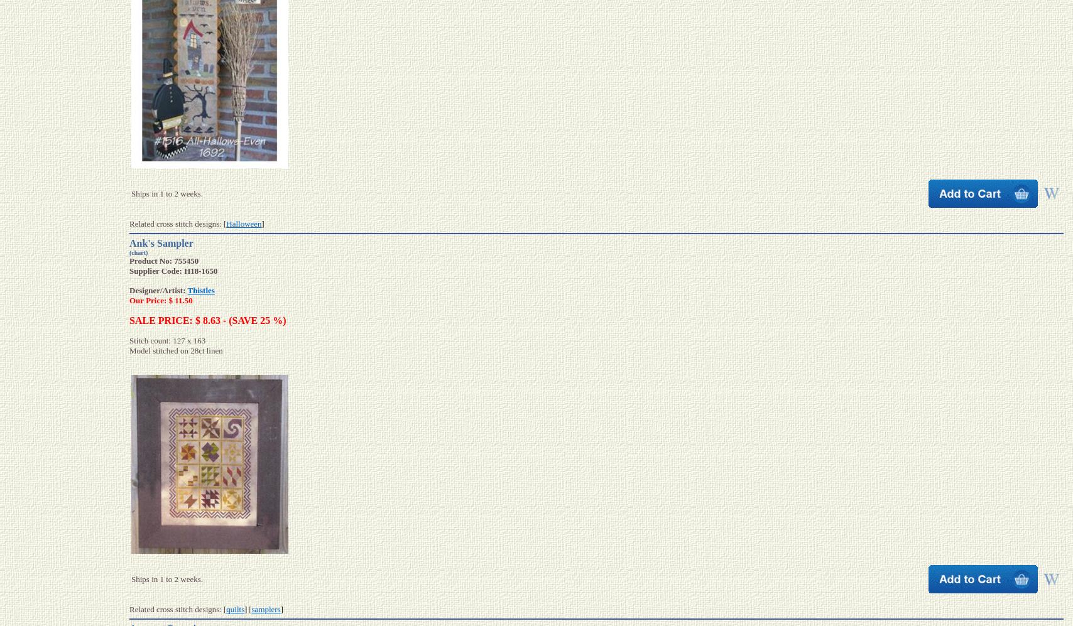  What do you see at coordinates (138, 252) in the screenshot?
I see `'(chart)'` at bounding box center [138, 252].